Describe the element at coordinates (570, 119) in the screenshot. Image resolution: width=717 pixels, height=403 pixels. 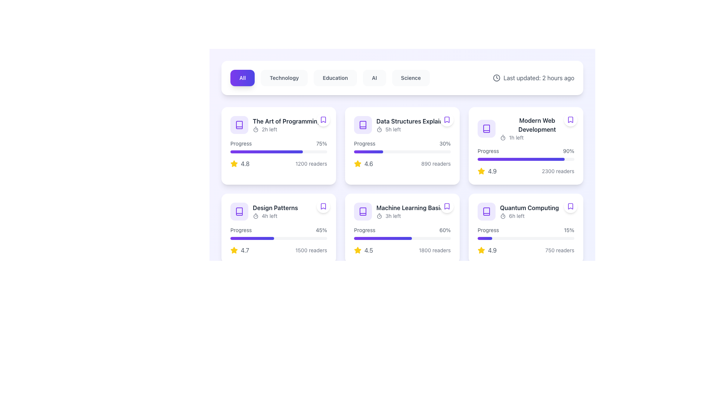
I see `the bookmark icon representing the saved item 'Modern Web Development' located in the top-right corner of the corresponding card` at that location.